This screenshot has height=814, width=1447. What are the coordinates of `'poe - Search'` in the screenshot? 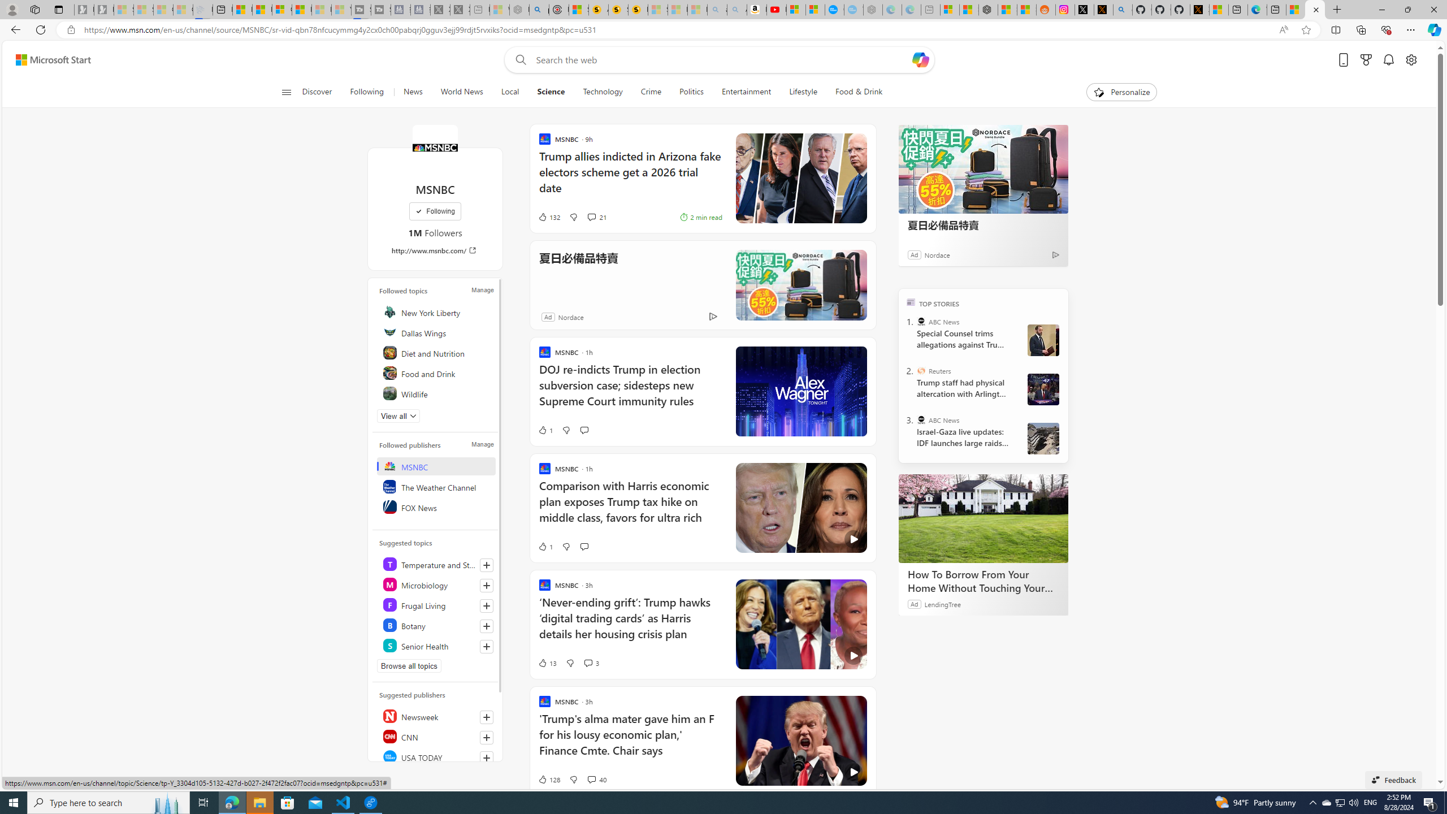 It's located at (539, 9).